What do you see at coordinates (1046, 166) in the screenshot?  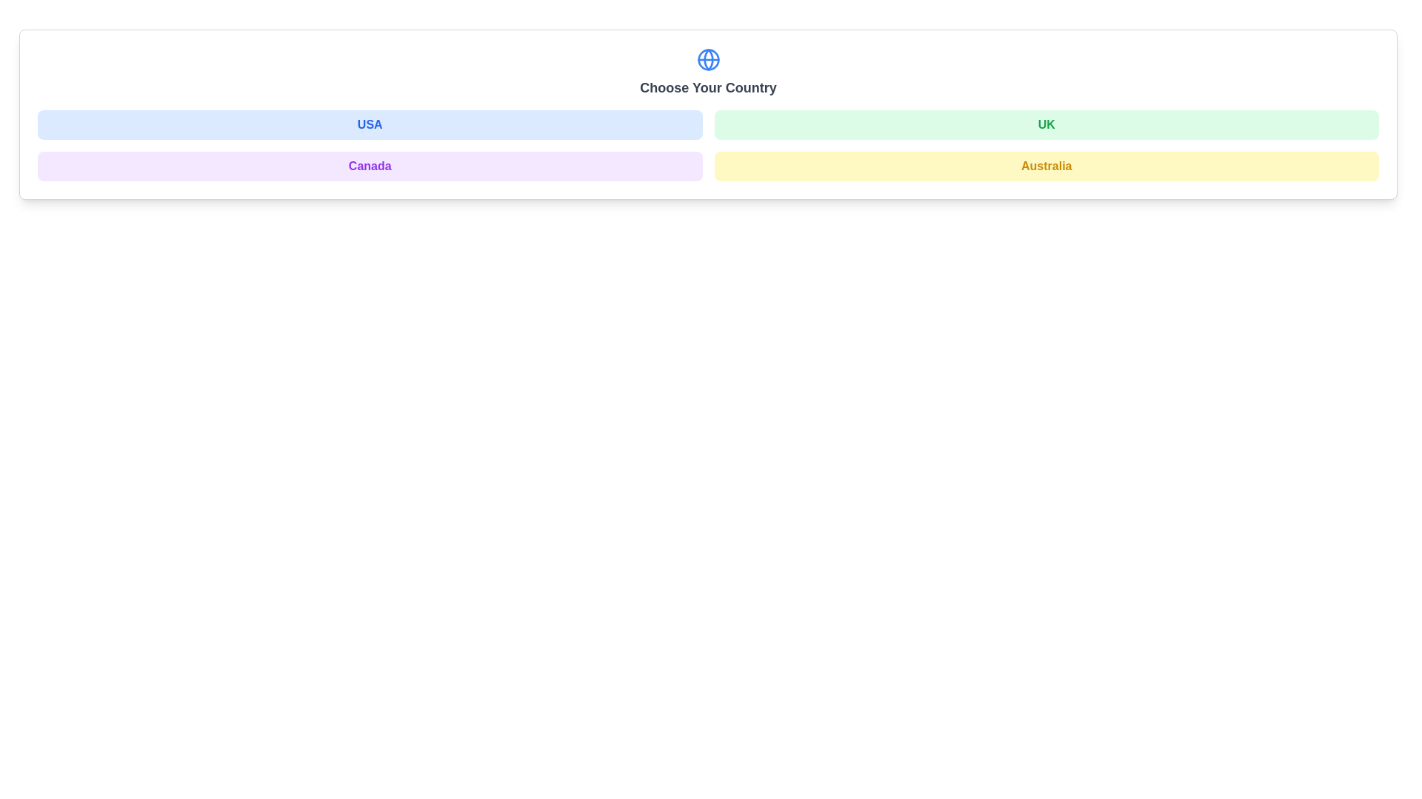 I see `the 'Australia' selection button, which is the fourth tab in the grid layout under the 'Choose Your Country' section` at bounding box center [1046, 166].